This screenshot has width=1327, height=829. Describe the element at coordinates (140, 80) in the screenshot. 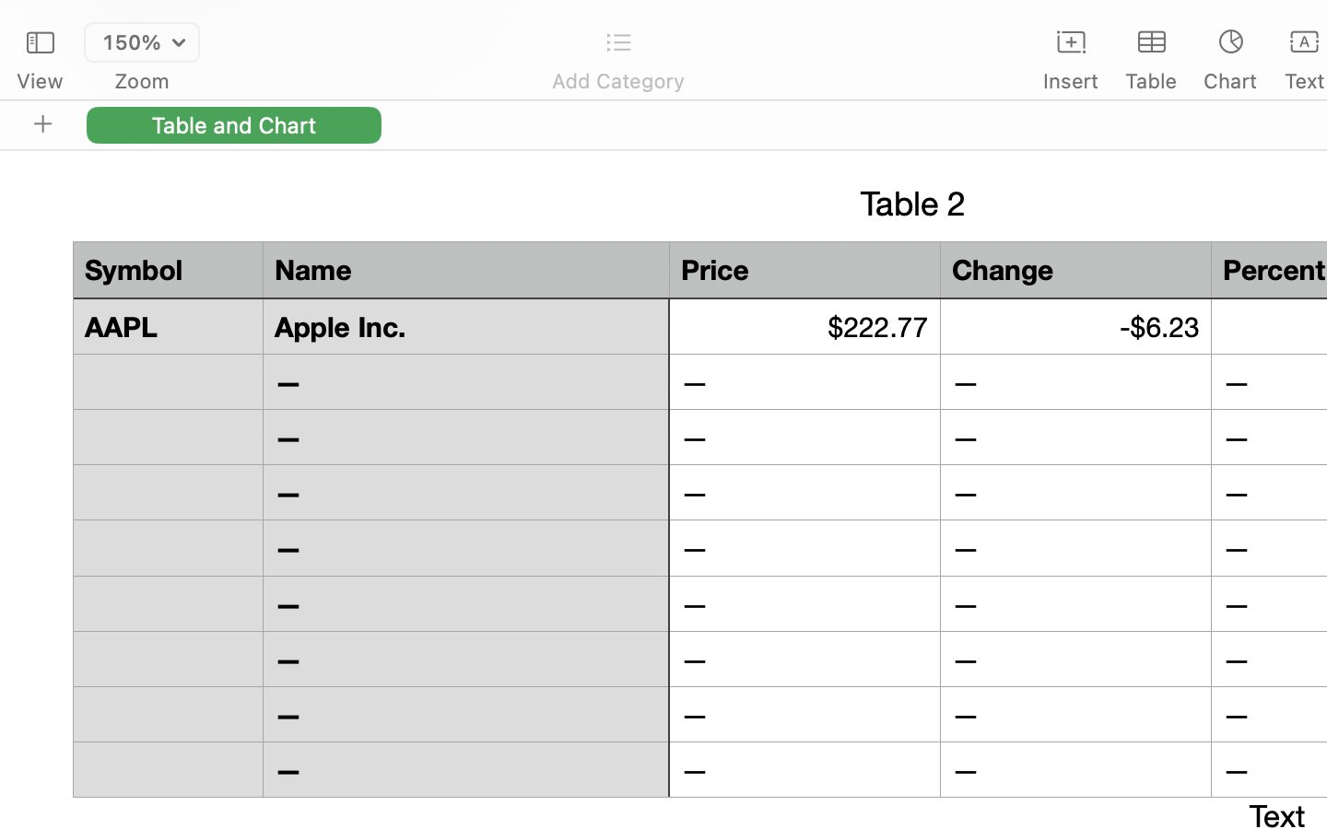

I see `'Zoom'` at that location.